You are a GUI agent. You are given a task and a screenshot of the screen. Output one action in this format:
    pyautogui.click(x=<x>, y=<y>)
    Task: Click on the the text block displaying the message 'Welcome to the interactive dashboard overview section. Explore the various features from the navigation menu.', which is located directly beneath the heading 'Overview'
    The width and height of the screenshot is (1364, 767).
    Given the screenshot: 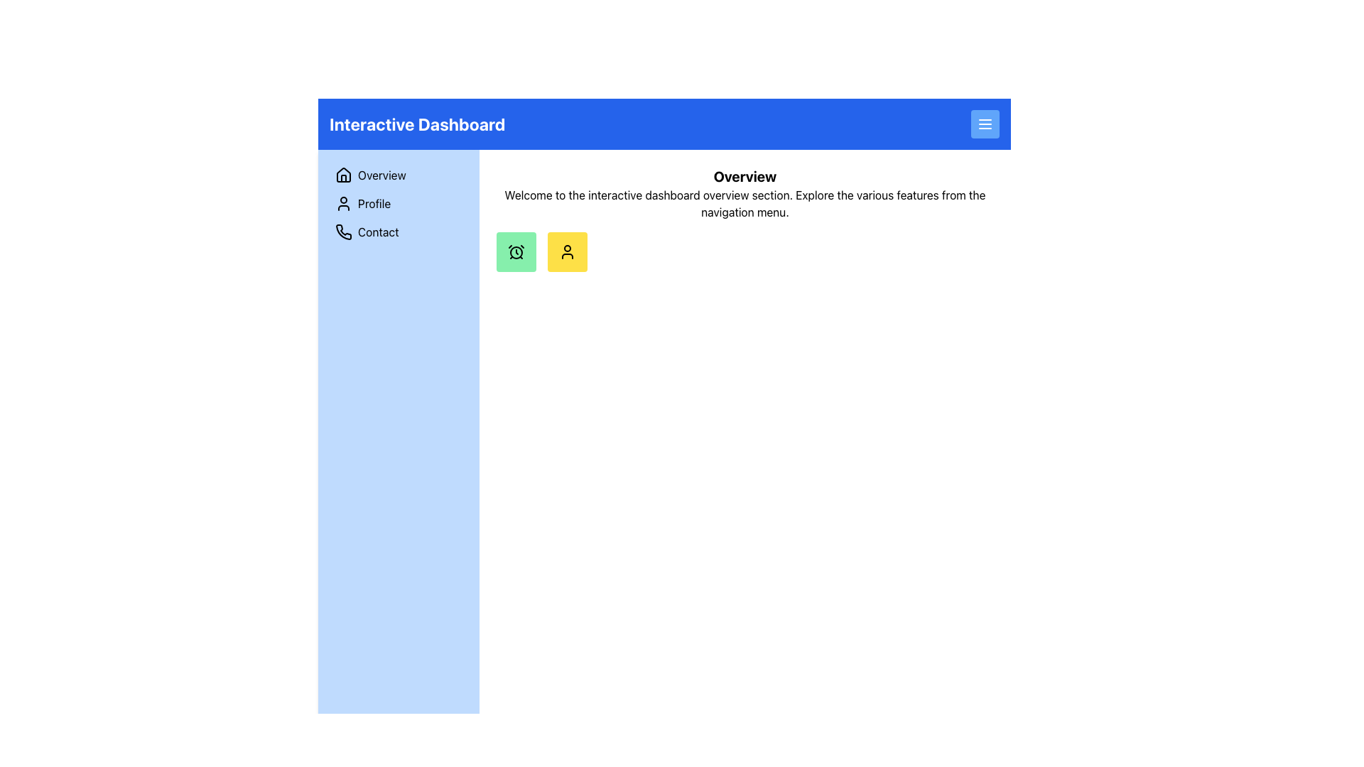 What is the action you would take?
    pyautogui.click(x=744, y=203)
    